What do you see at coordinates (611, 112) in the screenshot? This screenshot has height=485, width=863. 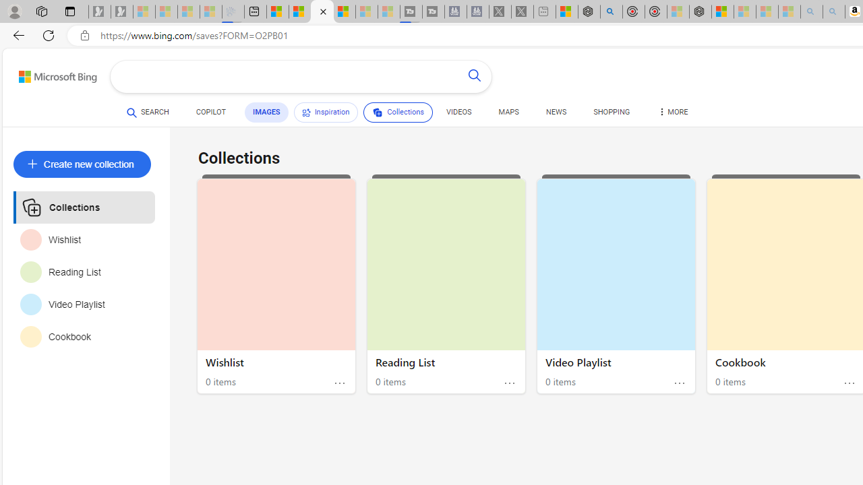 I see `'SHOPPING'` at bounding box center [611, 112].